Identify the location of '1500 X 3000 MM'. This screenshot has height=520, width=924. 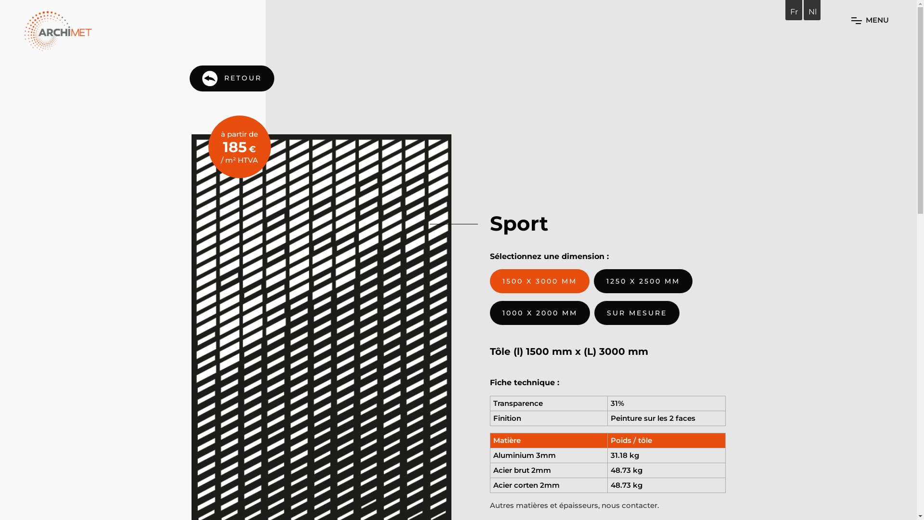
(539, 281).